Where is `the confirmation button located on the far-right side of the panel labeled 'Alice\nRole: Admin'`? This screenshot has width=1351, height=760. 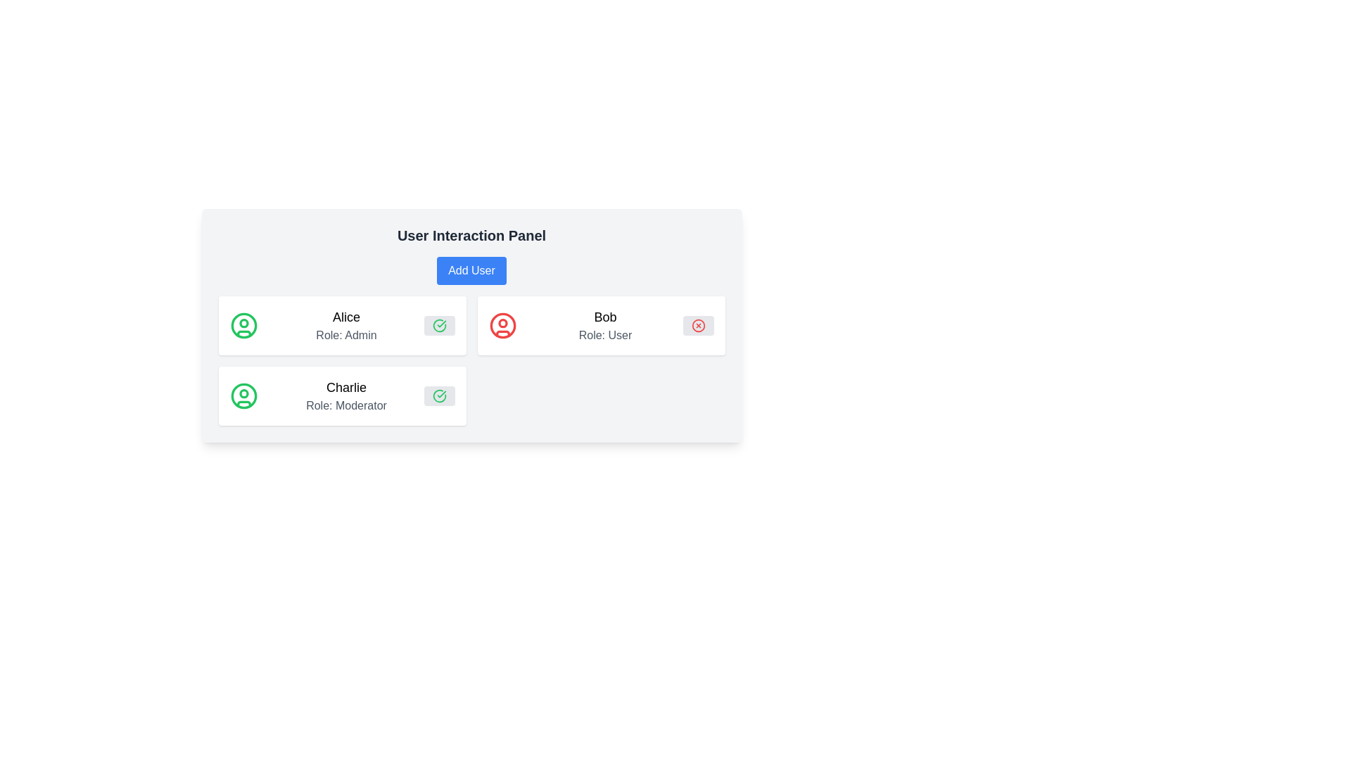 the confirmation button located on the far-right side of the panel labeled 'Alice\nRole: Admin' is located at coordinates (438, 325).